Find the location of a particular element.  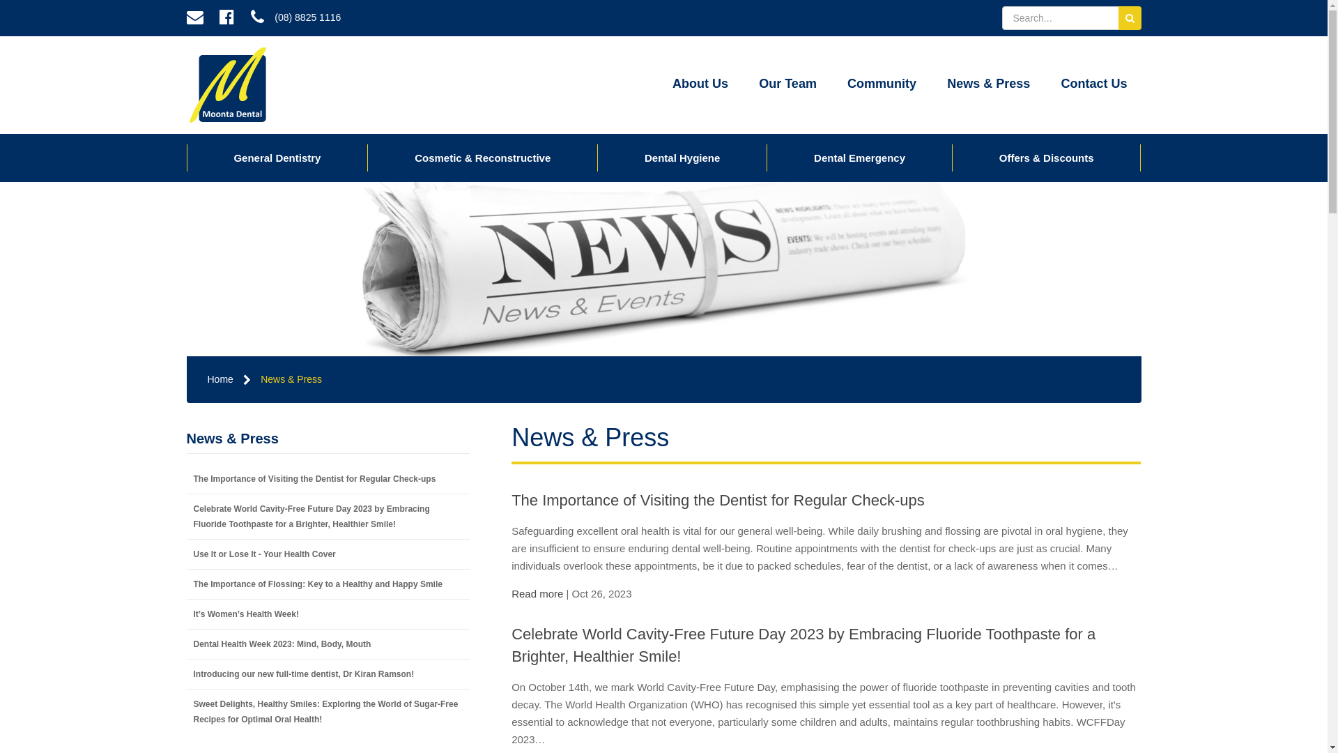

'Contact us via email' is located at coordinates (179, 18).